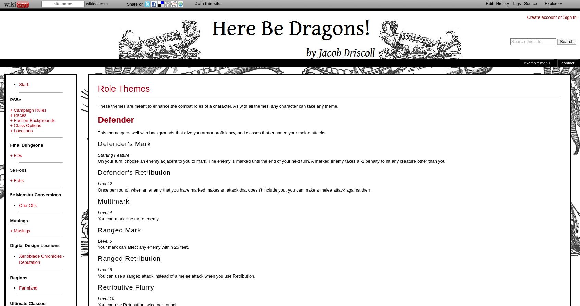  What do you see at coordinates (212, 132) in the screenshot?
I see `'This theme goes well with backgrounds that give you armor proficiency, and classes that enhance your melee attacks.'` at bounding box center [212, 132].